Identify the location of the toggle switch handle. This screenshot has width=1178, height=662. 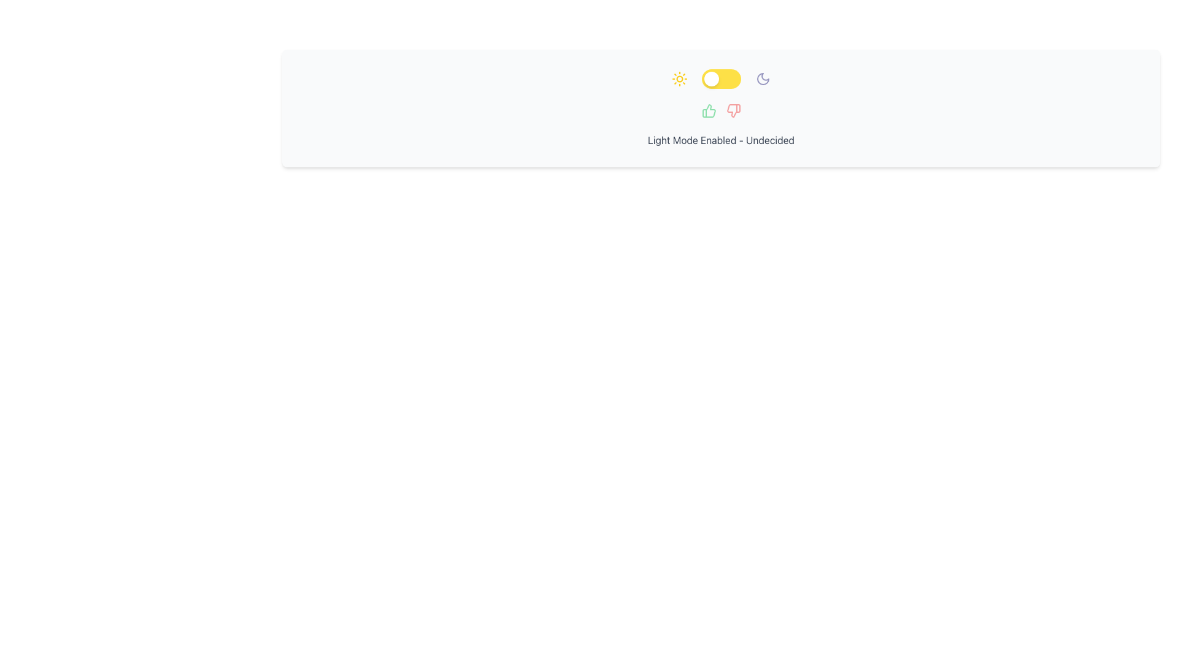
(711, 78).